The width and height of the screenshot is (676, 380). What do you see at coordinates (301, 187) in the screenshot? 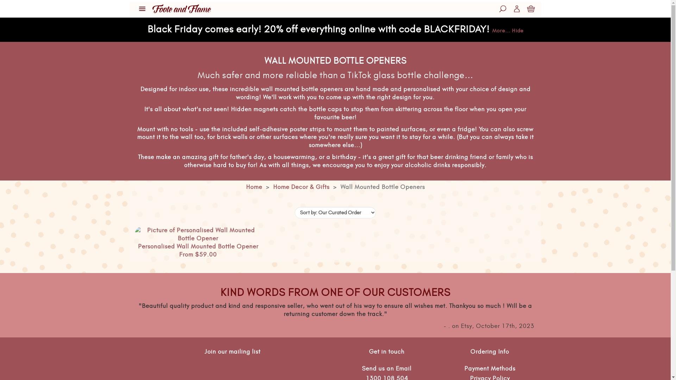
I see `'Home Decor & Gifts'` at bounding box center [301, 187].